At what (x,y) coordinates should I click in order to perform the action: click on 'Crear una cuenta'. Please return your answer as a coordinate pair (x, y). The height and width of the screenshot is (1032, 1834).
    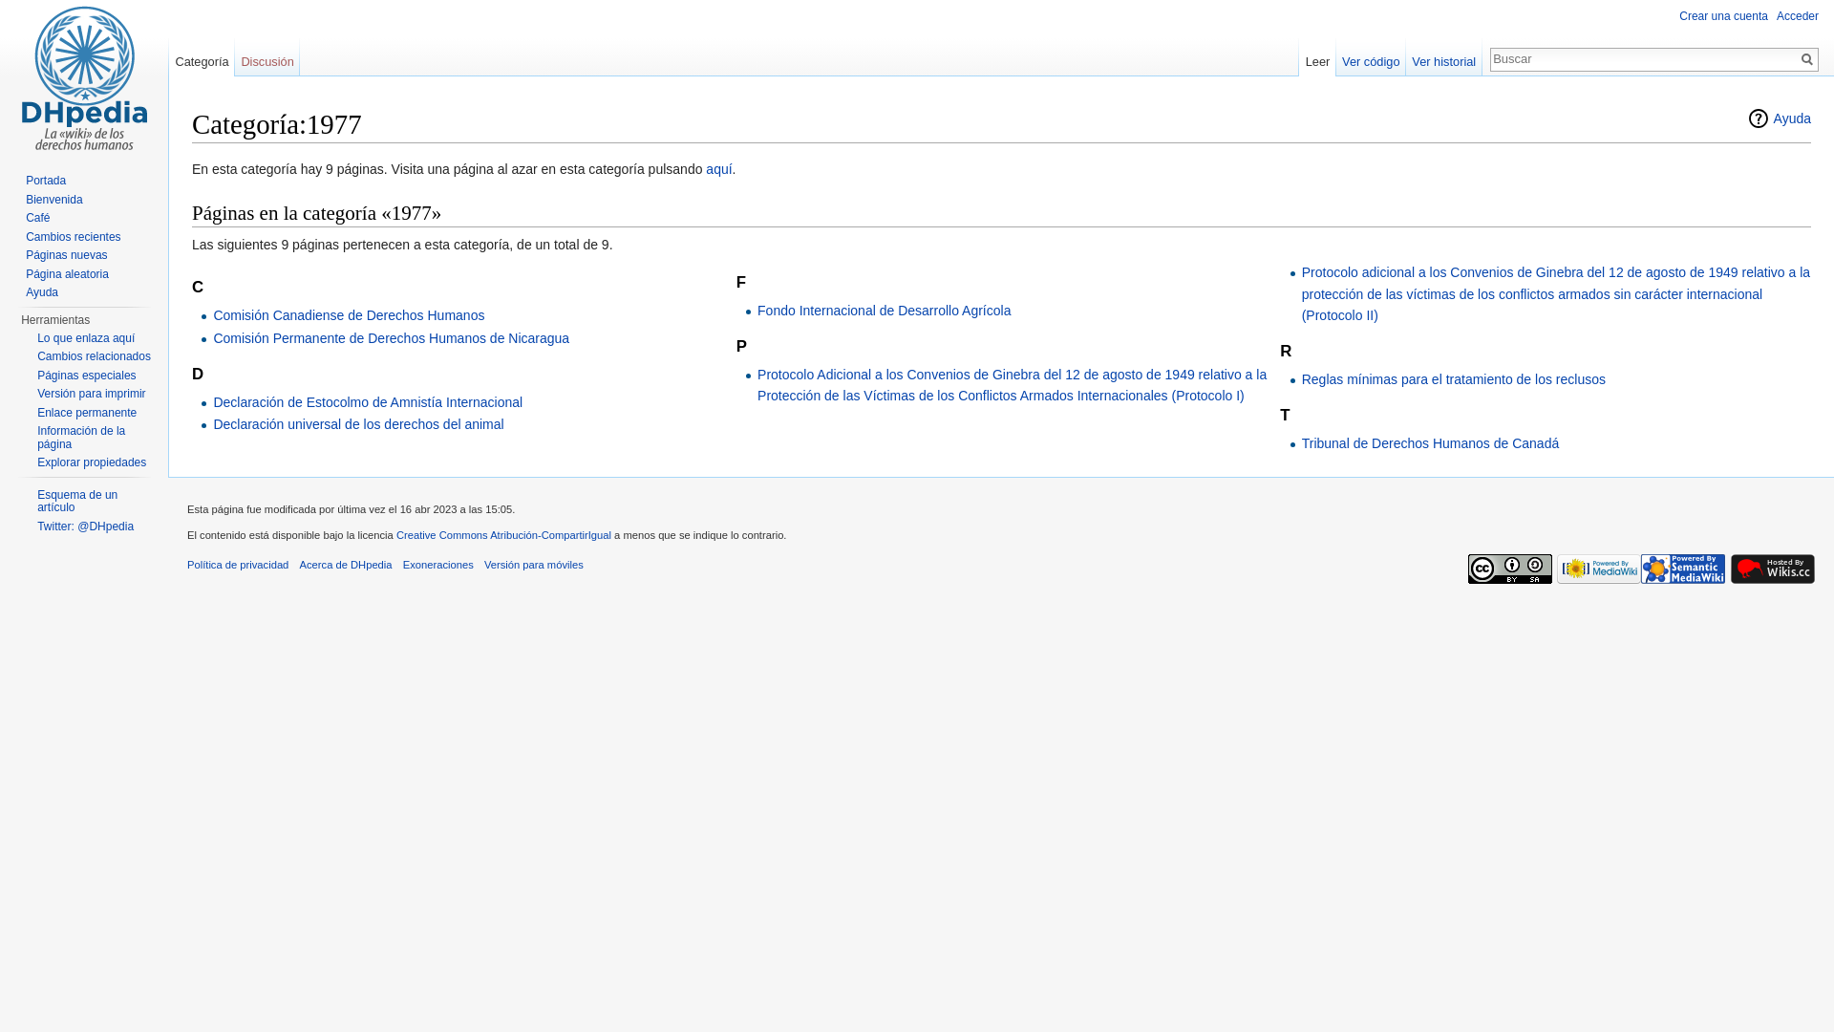
    Looking at the image, I should click on (1723, 15).